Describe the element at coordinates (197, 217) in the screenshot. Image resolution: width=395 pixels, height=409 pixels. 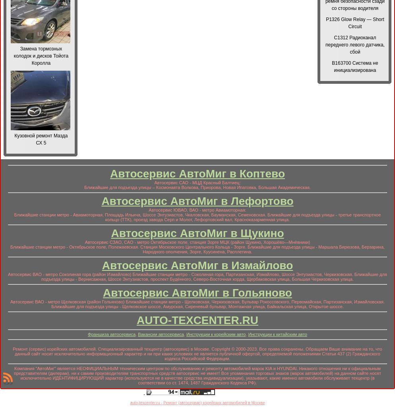
I see `'Ближайшие станции метро - Авиамоторная, Площадь Ильича, Шоссе Энтузиастов, Чкаловская, Бауманская, Семеновская. Ближайшие для подъезда улицы - третье транспортное кольцо (ТТК), проезд завода Серп и Молот, Лефортовский вал, Красноказарменная улица.'` at that location.